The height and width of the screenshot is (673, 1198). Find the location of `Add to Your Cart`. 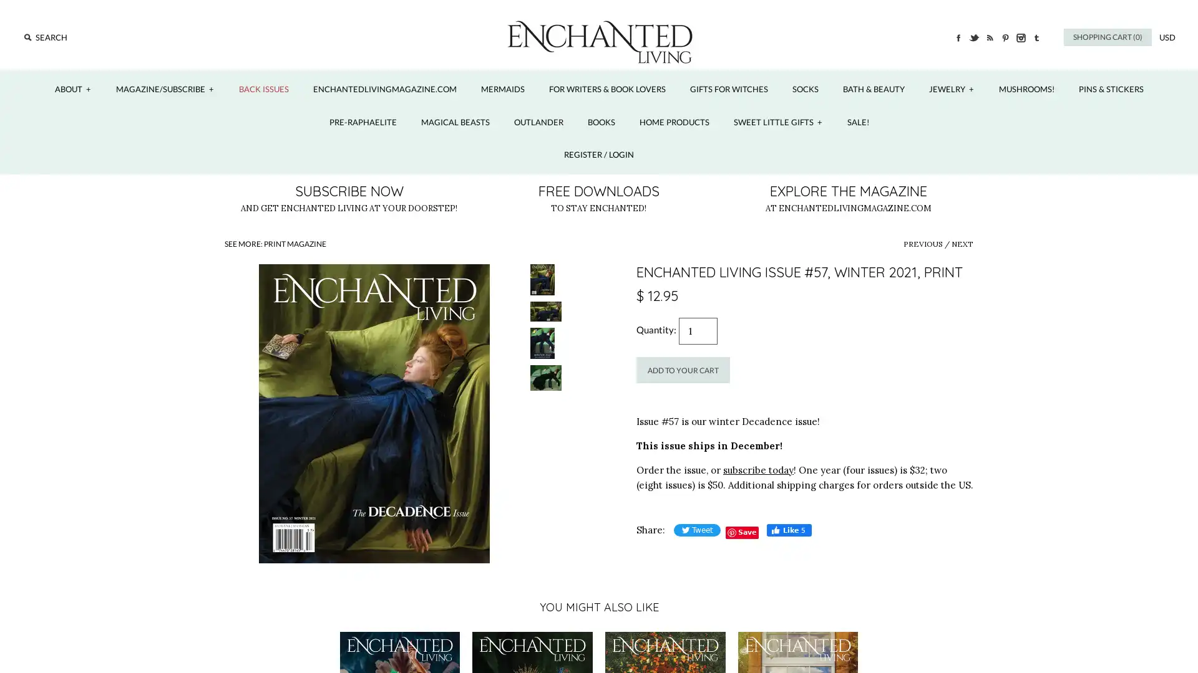

Add to Your Cart is located at coordinates (682, 370).